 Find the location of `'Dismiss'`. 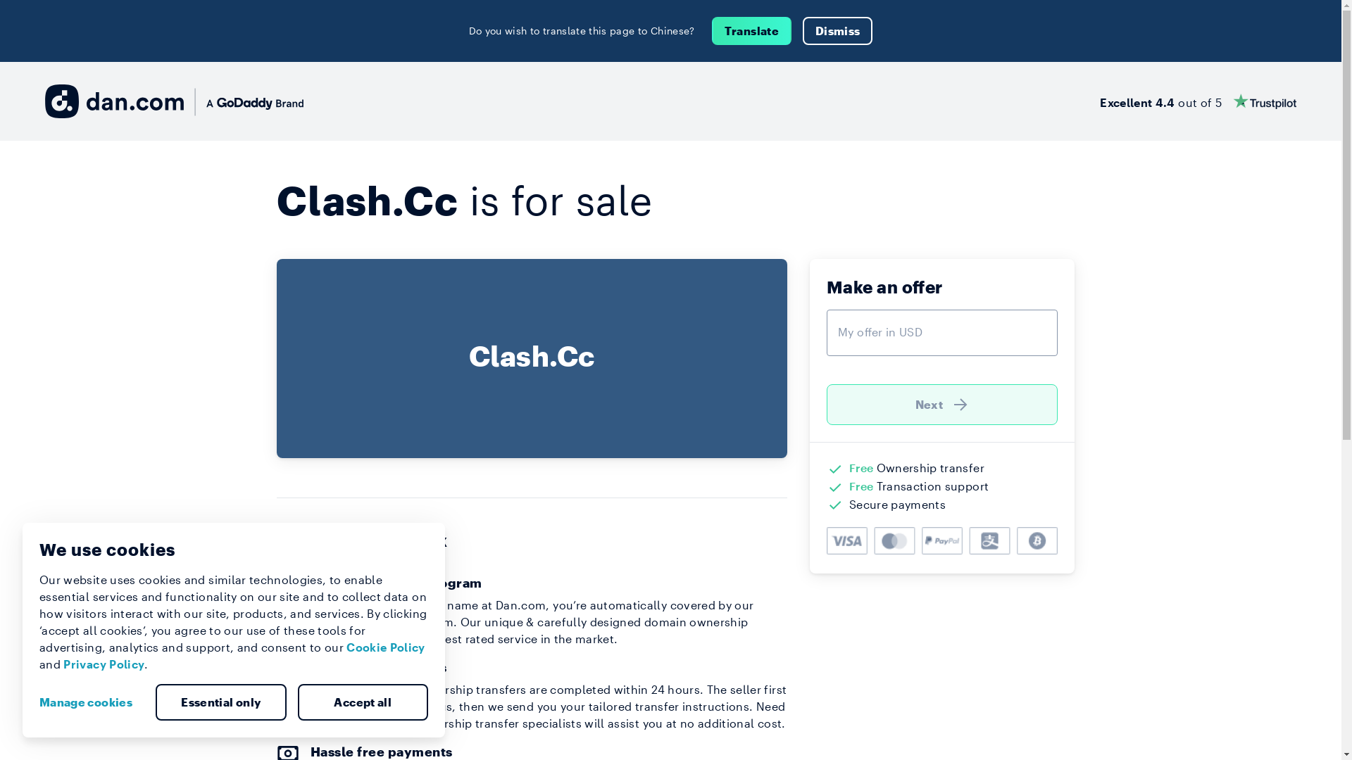

'Dismiss' is located at coordinates (837, 30).